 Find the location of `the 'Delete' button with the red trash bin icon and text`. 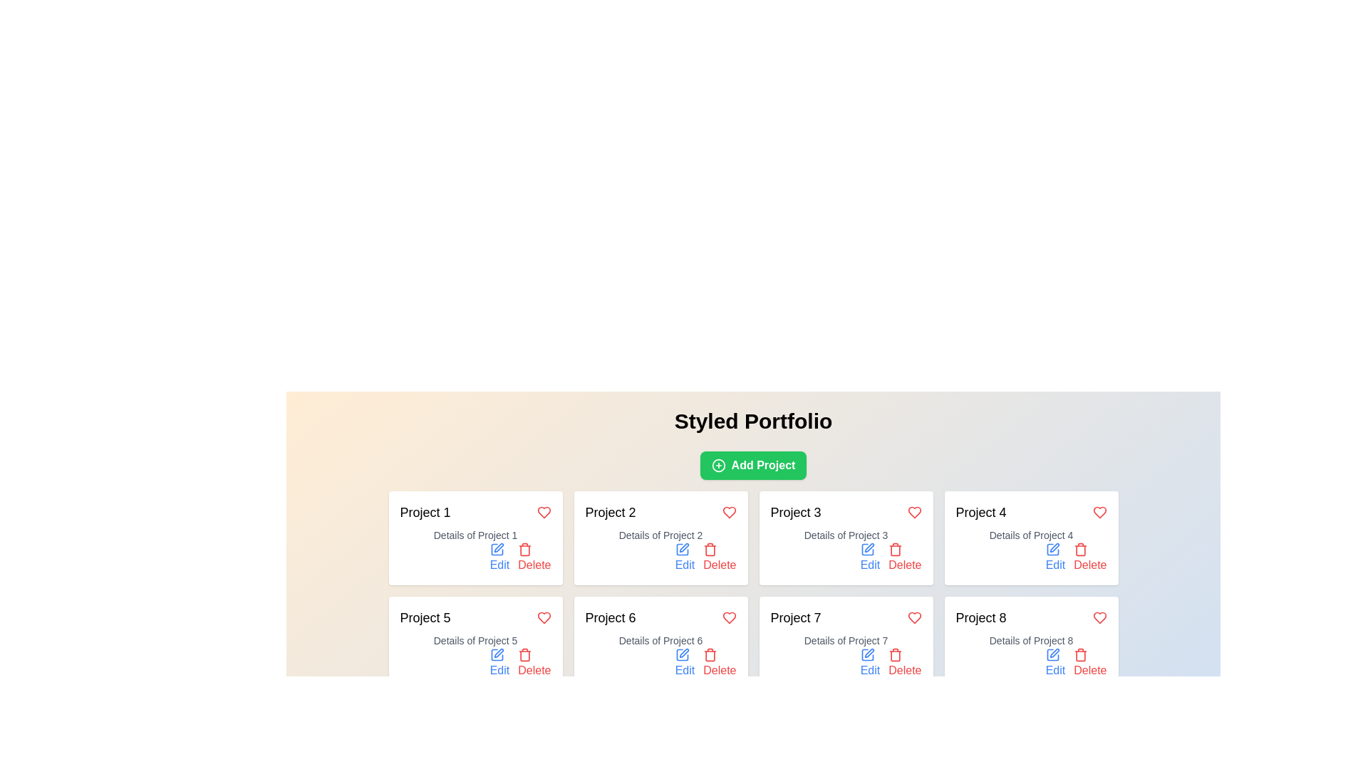

the 'Delete' button with the red trash bin icon and text is located at coordinates (720, 557).